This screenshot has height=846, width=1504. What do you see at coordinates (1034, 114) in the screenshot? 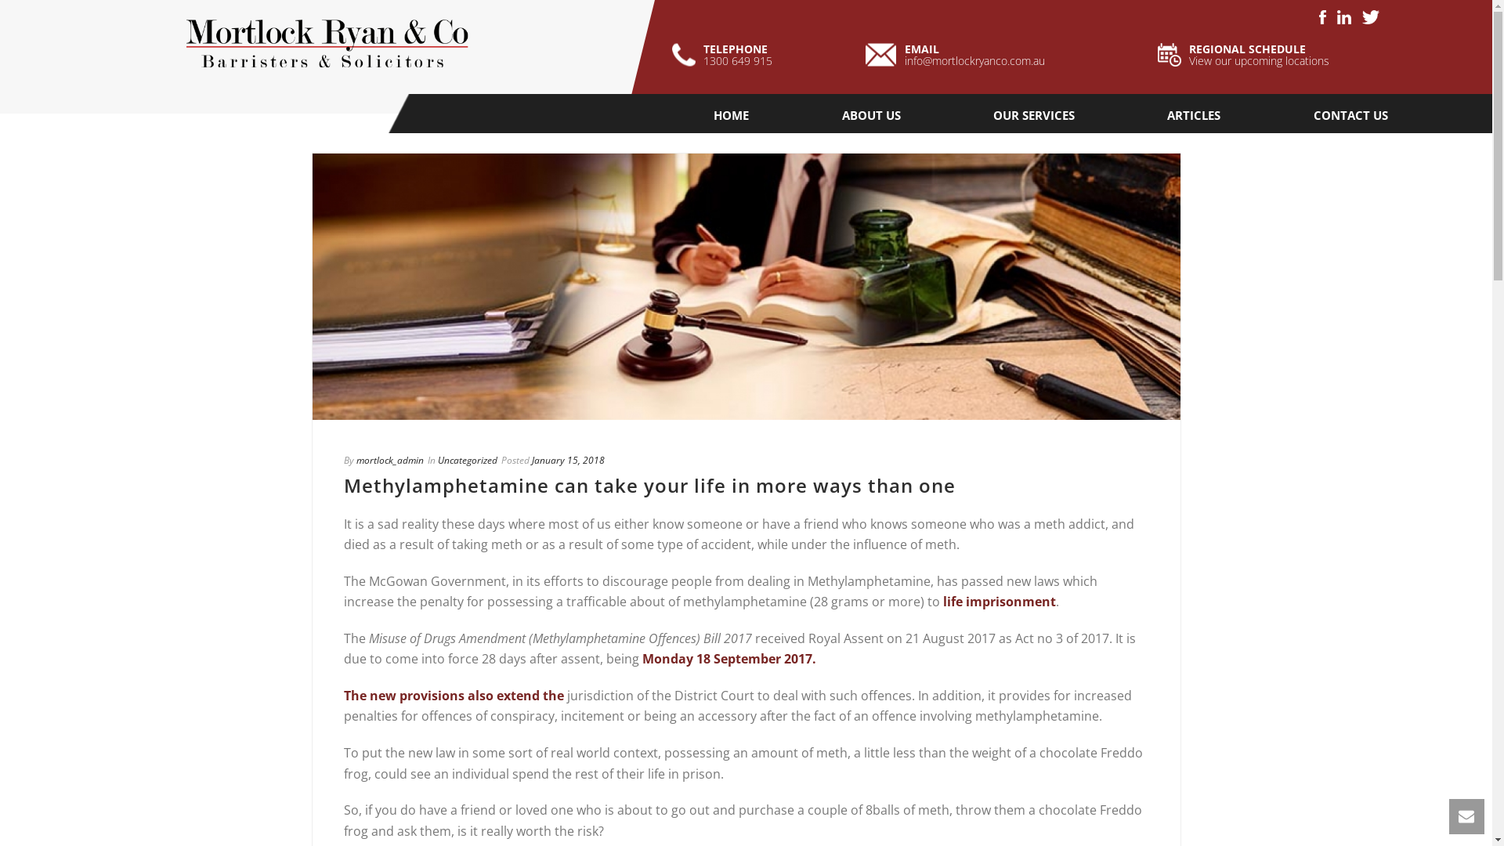
I see `'OUR SERVICES'` at bounding box center [1034, 114].